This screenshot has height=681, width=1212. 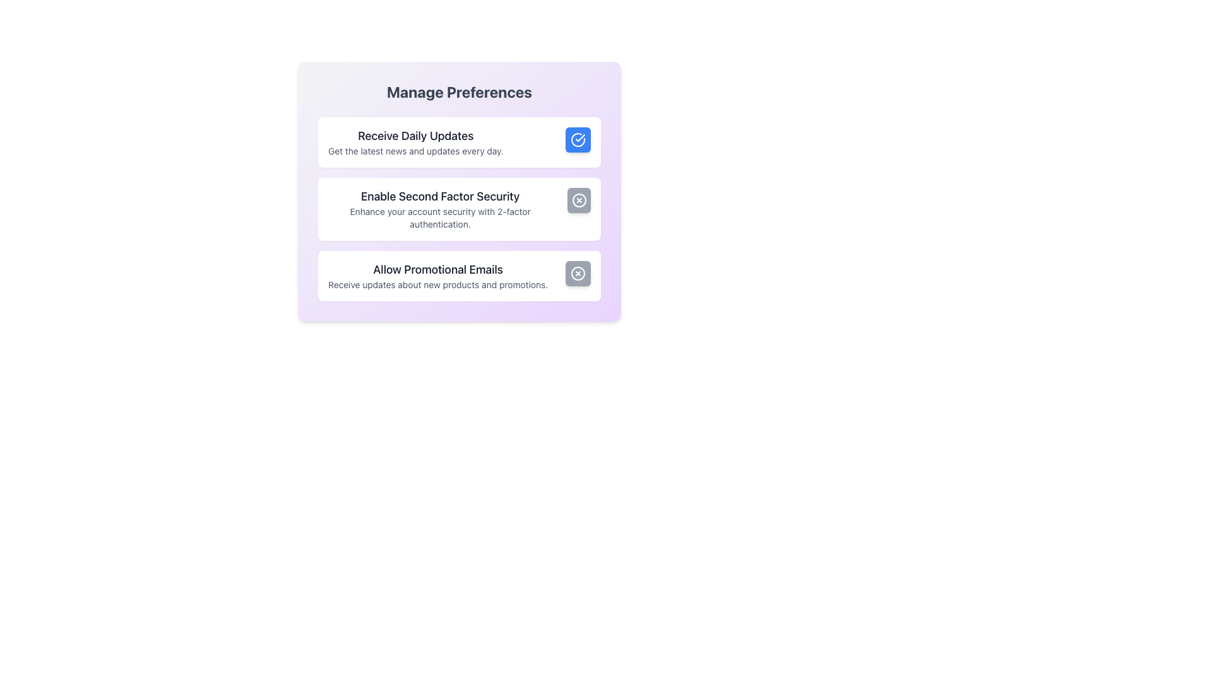 I want to click on the toggle button for 'Receive Daily Updates' located in the top-right corner of the preference management panel, so click(x=578, y=140).